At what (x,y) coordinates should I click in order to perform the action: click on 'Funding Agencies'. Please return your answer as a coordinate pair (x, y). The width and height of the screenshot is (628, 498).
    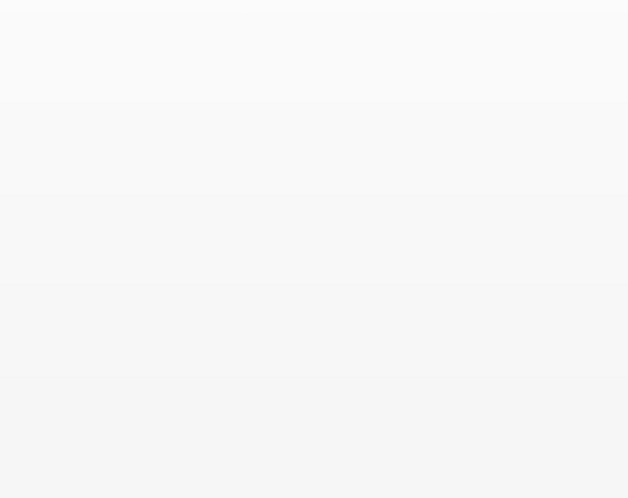
    Looking at the image, I should click on (424, 360).